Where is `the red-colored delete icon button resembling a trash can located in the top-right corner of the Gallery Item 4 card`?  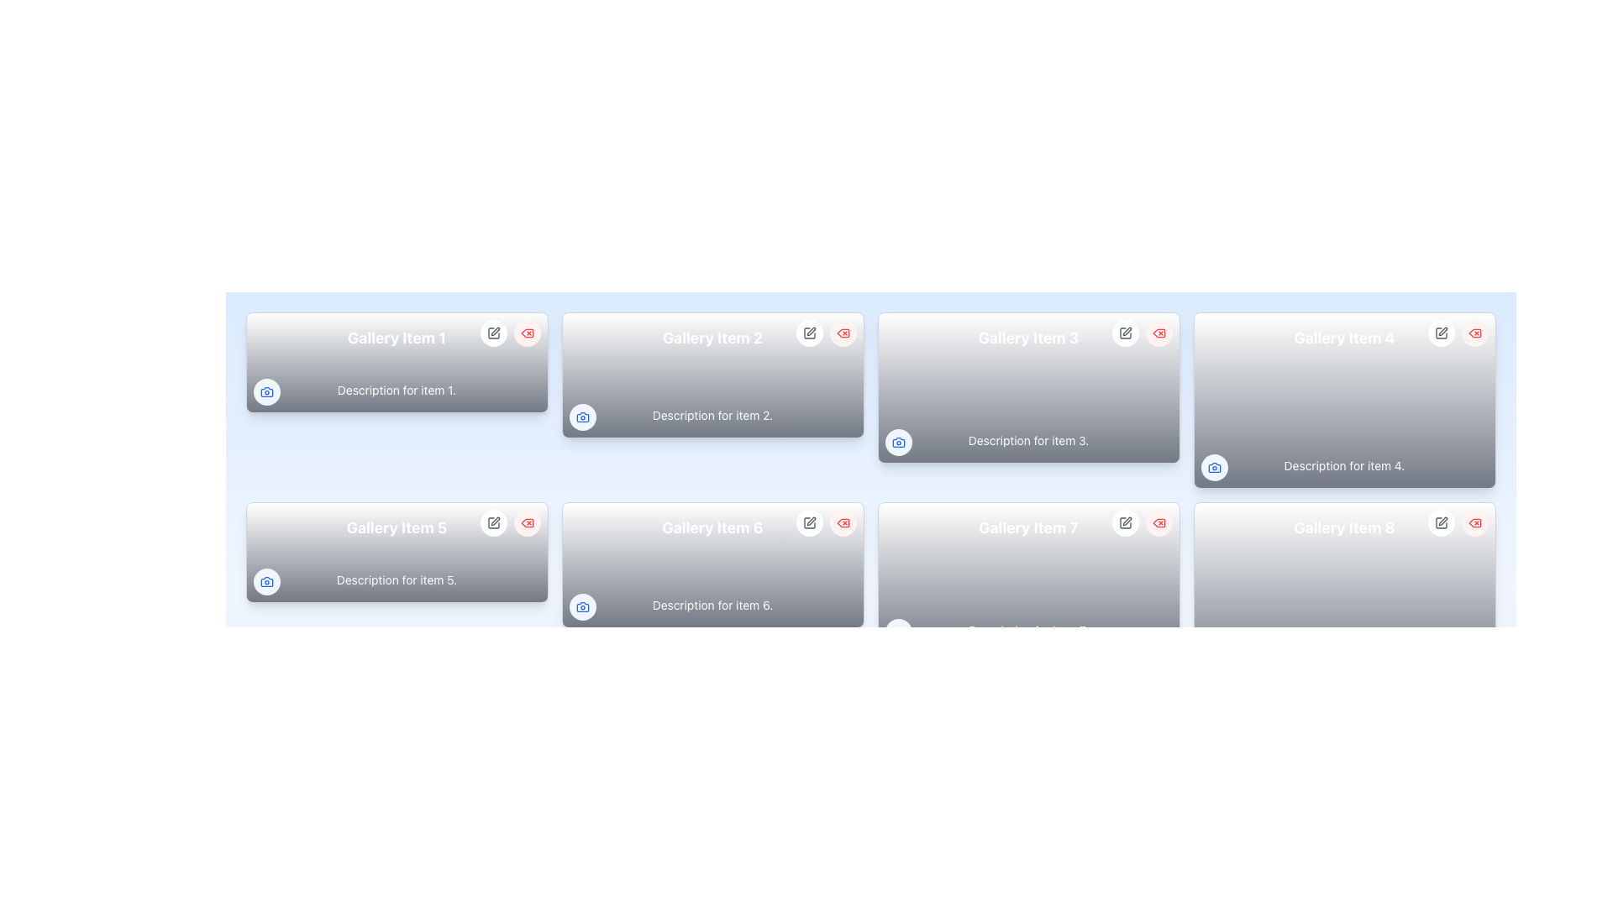
the red-colored delete icon button resembling a trash can located in the top-right corner of the Gallery Item 4 card is located at coordinates (1474, 333).